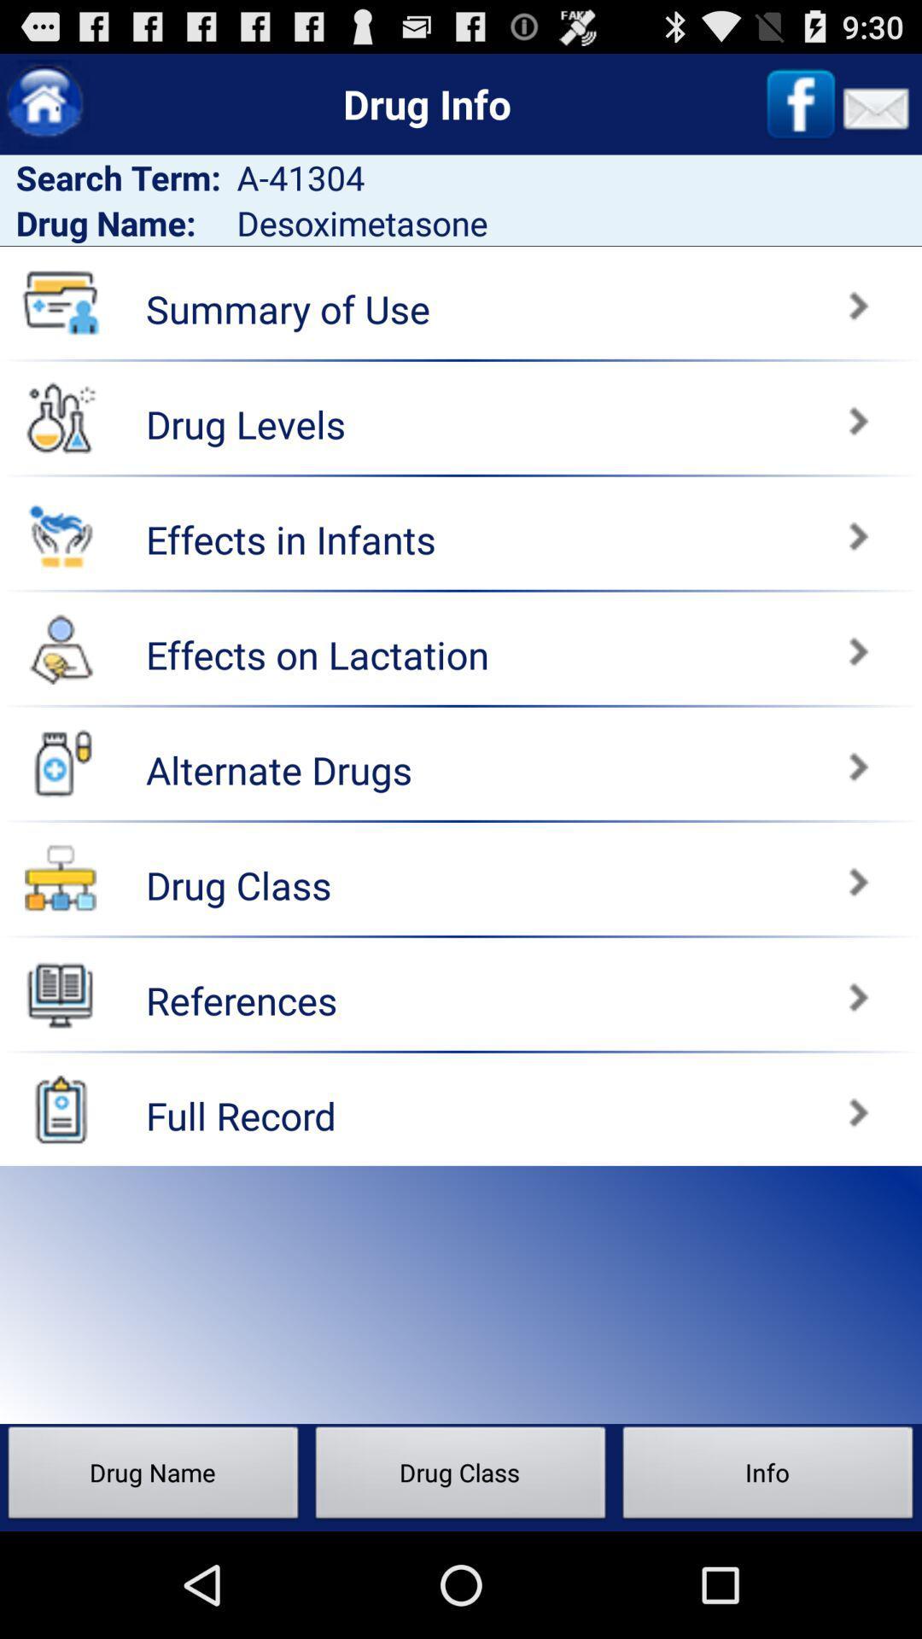 Image resolution: width=922 pixels, height=1639 pixels. I want to click on full record icon, so click(60, 1109).